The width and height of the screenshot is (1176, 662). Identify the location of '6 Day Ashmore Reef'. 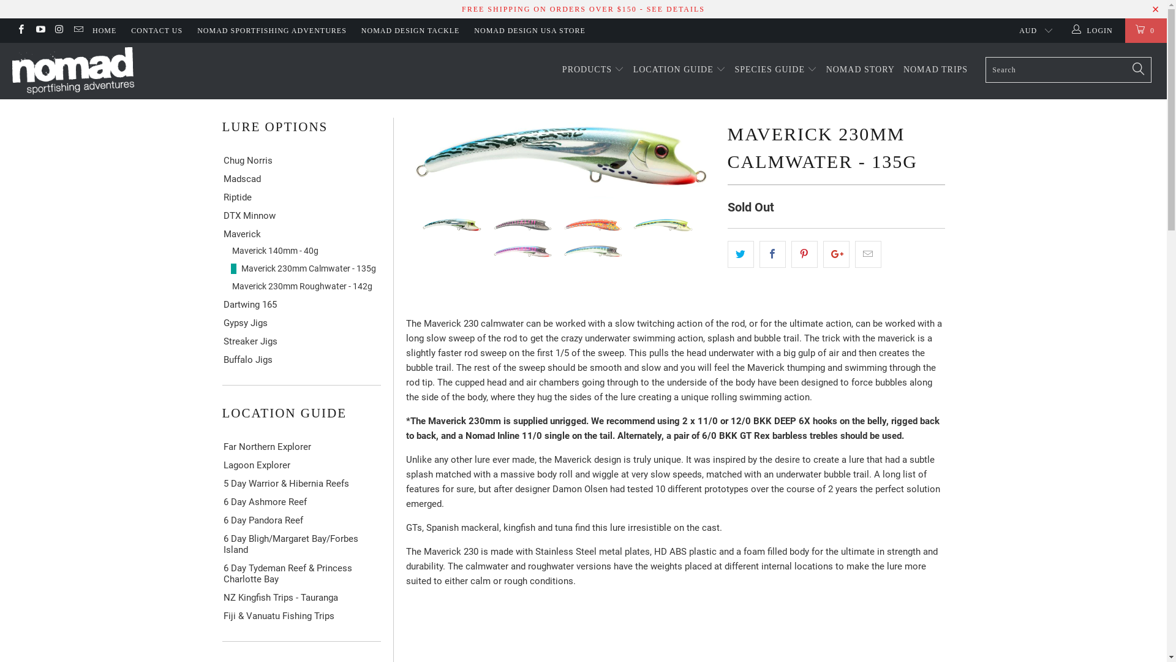
(301, 501).